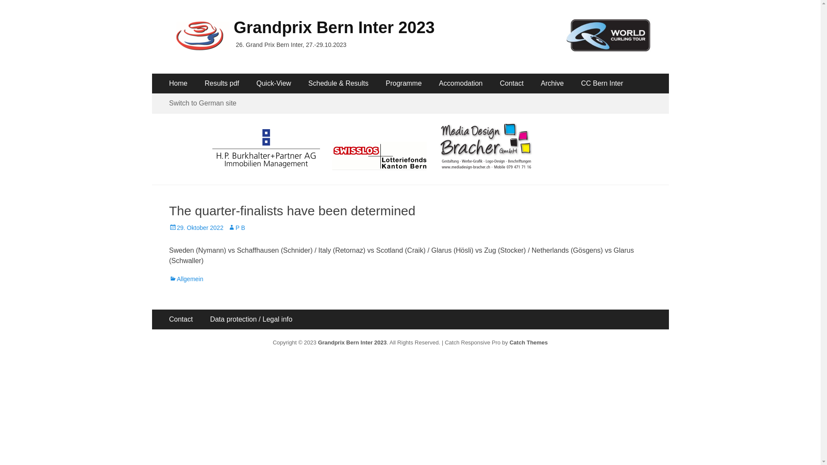 The width and height of the screenshot is (827, 465). I want to click on 'Data protection / Legal info', so click(201, 319).